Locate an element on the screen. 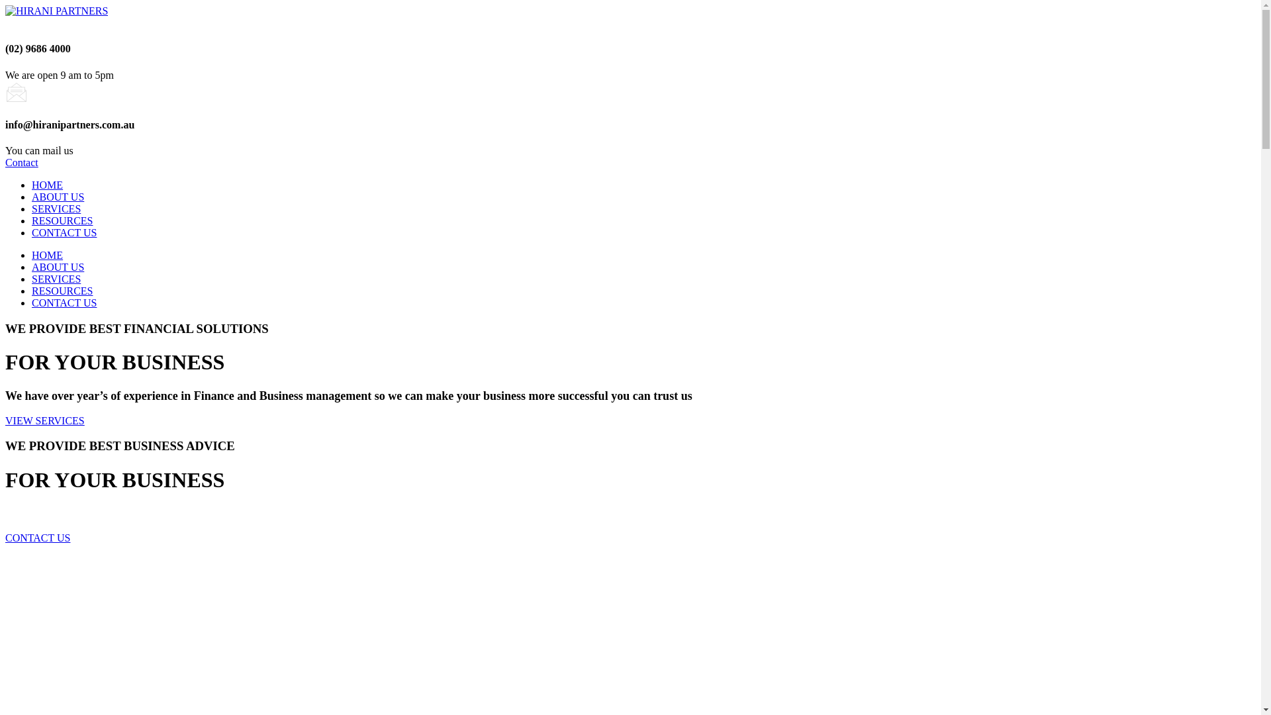  'HOME' is located at coordinates (32, 255).